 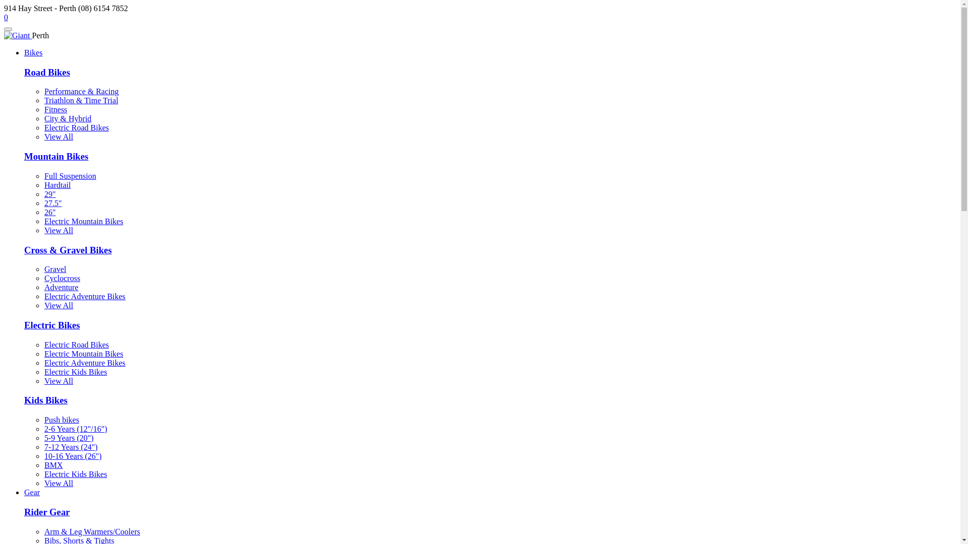 I want to click on 'Cyclocross', so click(x=62, y=278).